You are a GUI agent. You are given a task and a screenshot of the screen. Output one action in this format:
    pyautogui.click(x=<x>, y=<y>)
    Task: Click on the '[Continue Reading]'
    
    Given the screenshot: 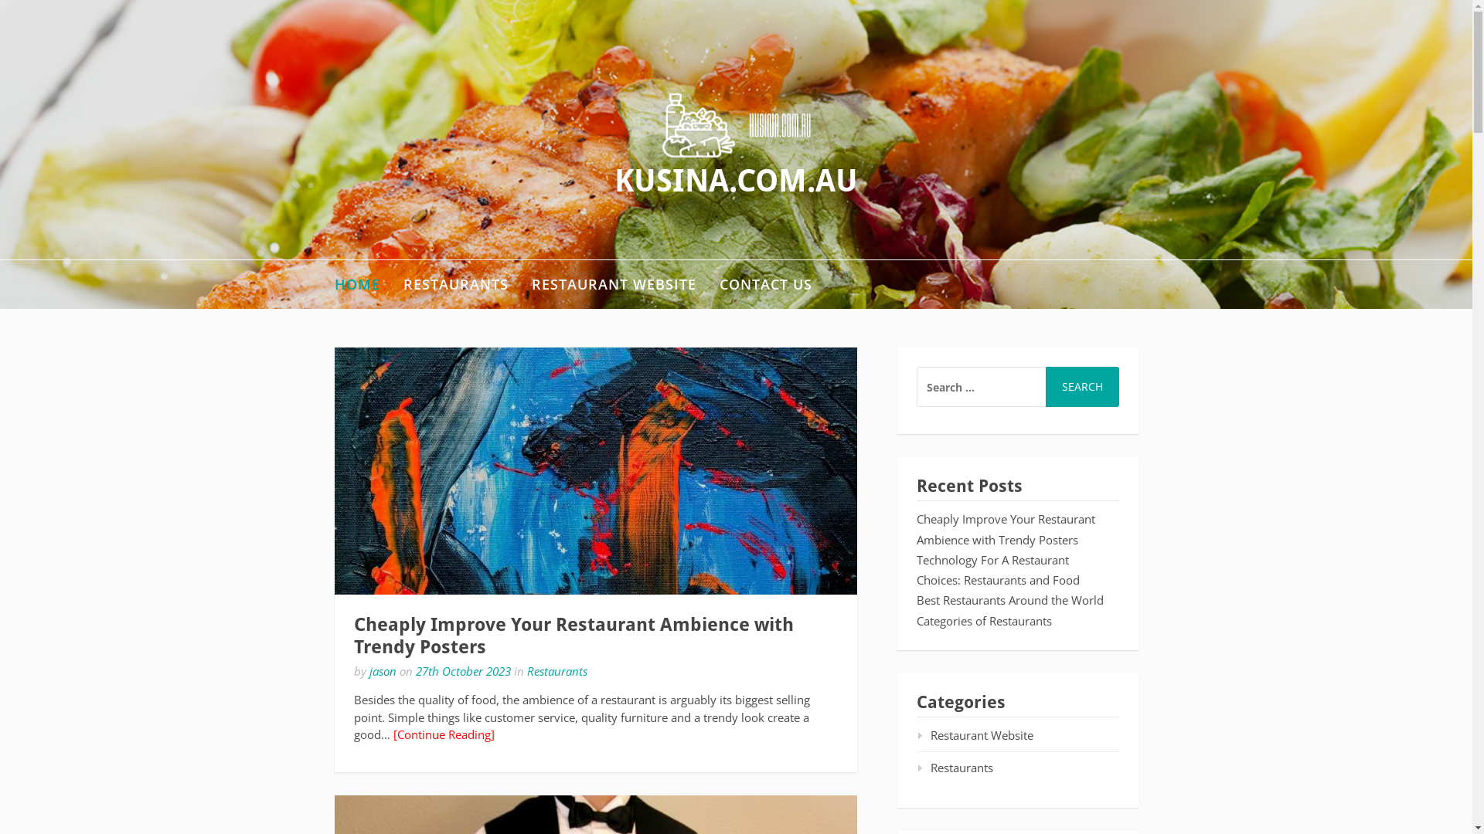 What is the action you would take?
    pyautogui.click(x=442, y=734)
    